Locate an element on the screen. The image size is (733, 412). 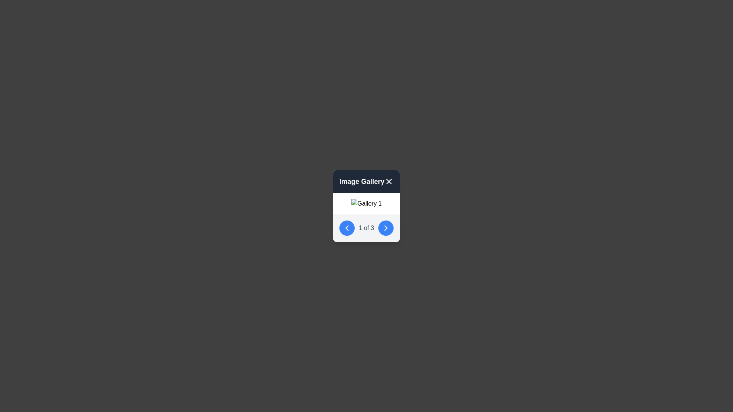
the leftward-pointing chevron icon, which is centered within a blue circular button located at the bottom-left corner of a card interface is located at coordinates (346, 227).